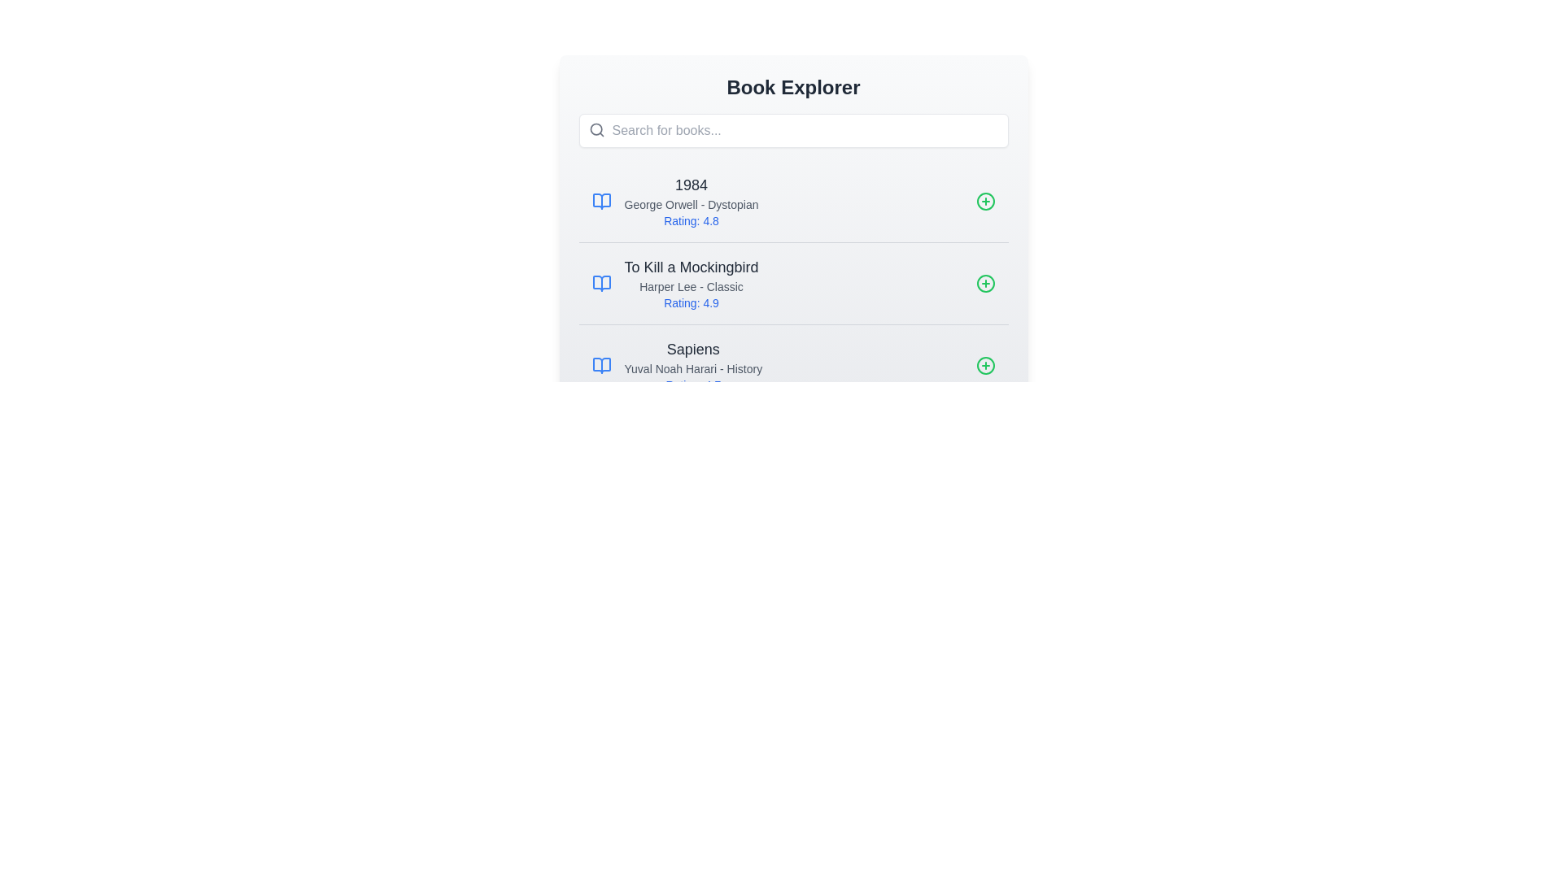  What do you see at coordinates (596, 128) in the screenshot?
I see `the decorative search icon located at the top-left corner of the search input field, which visually represents the concept of searching` at bounding box center [596, 128].